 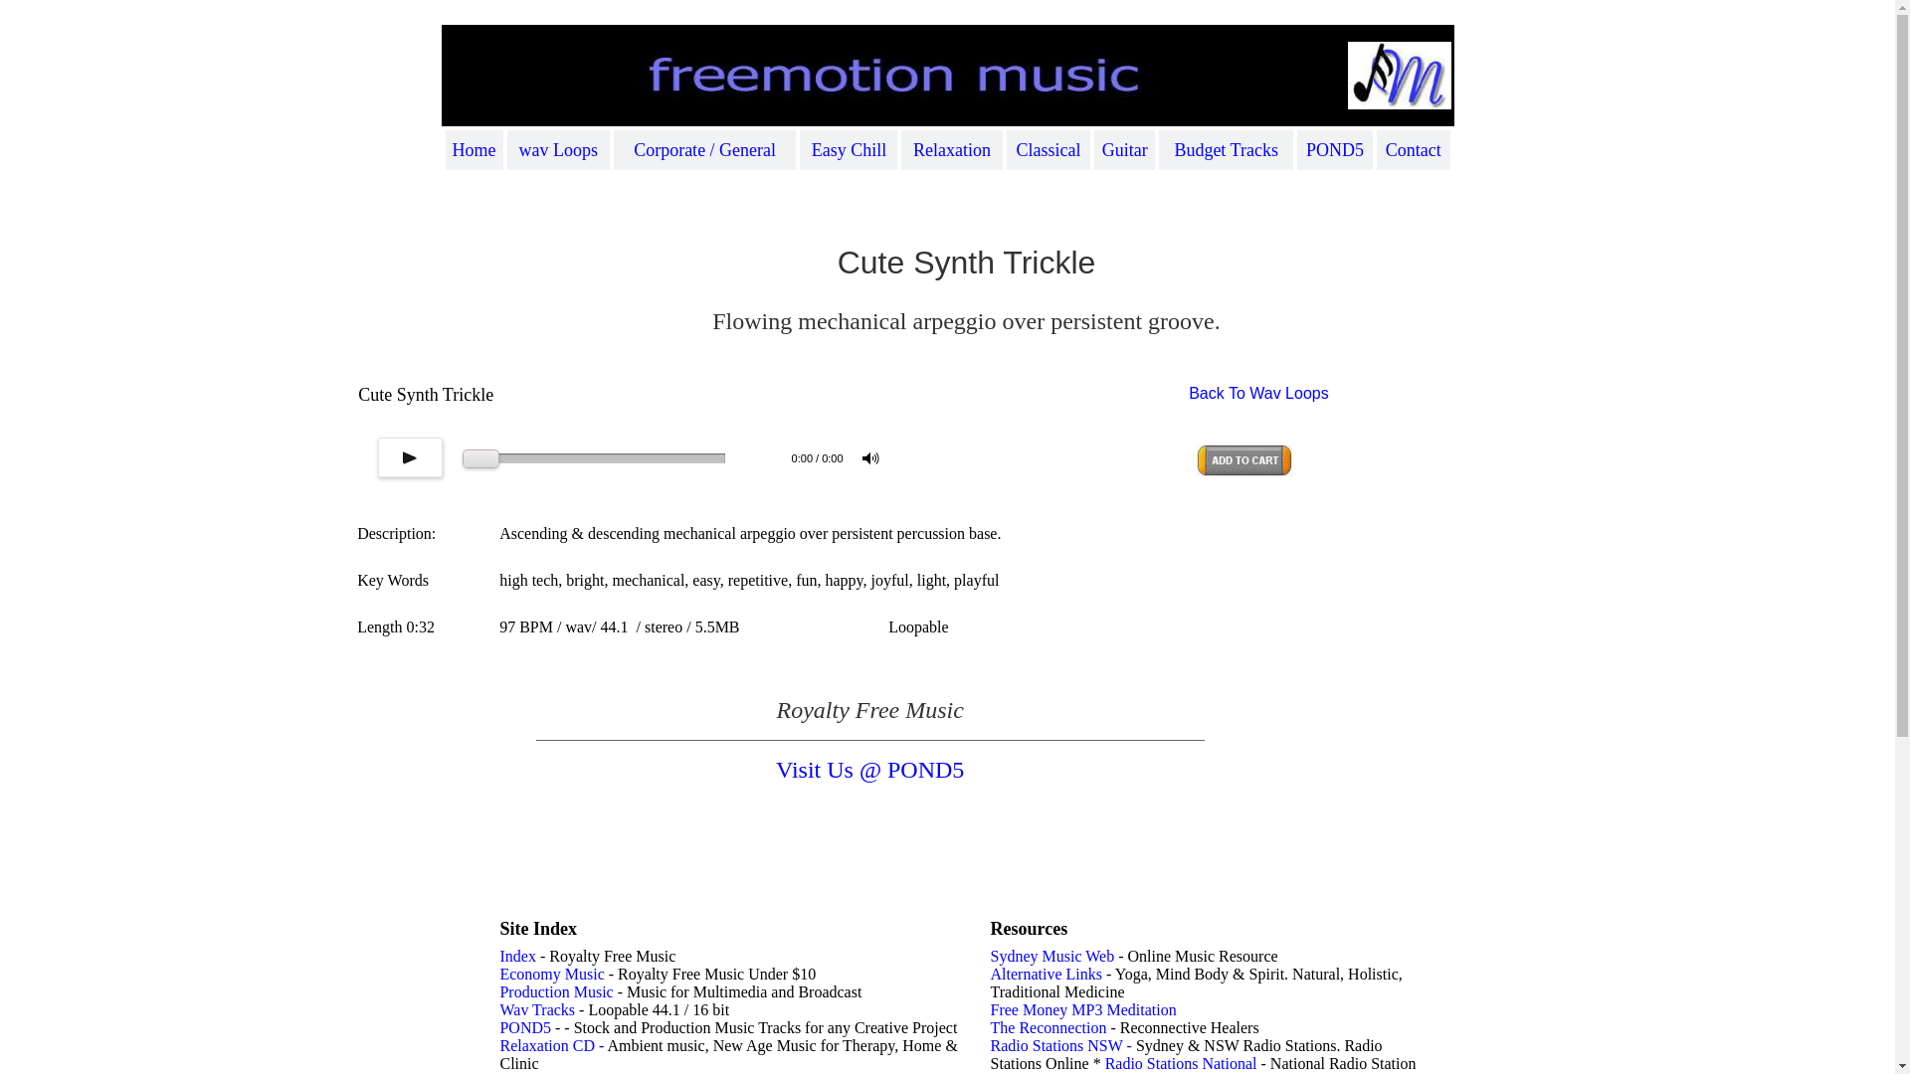 I want to click on 'POND5', so click(x=1335, y=148).